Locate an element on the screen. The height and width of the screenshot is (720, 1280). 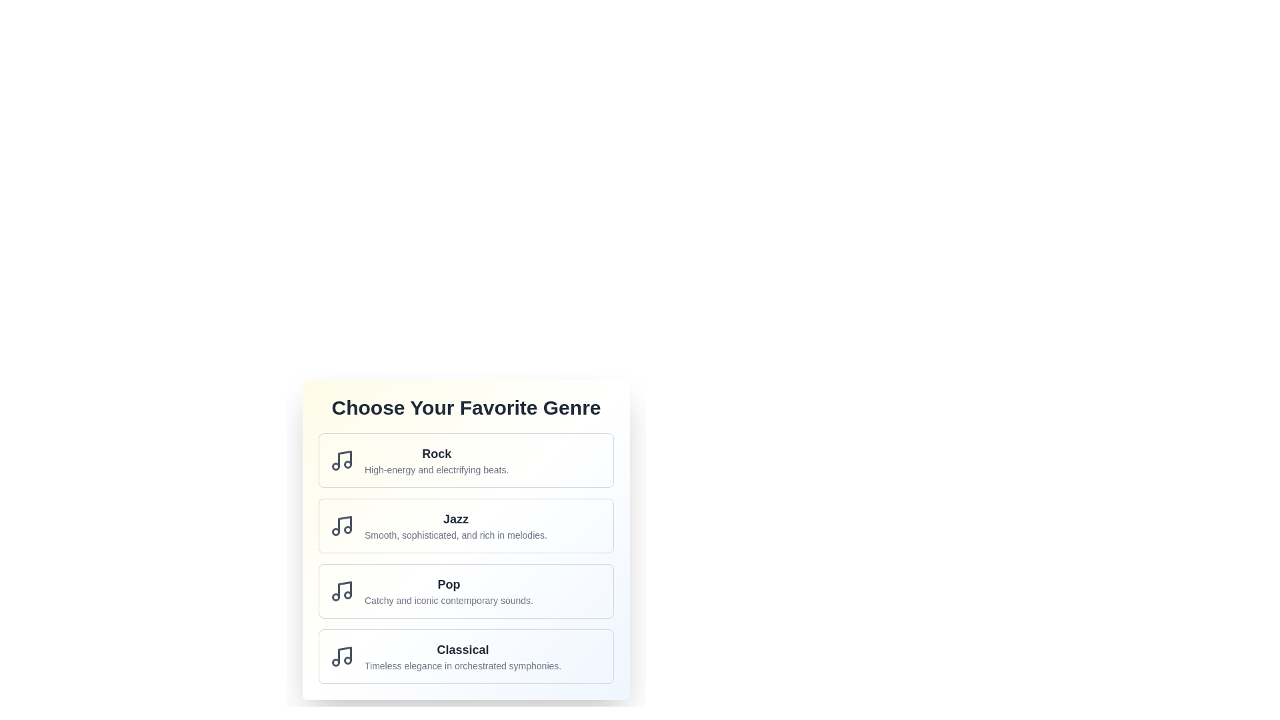
the static text label for the genre 'Jazz' which is the second item in the genre options list is located at coordinates (455, 519).